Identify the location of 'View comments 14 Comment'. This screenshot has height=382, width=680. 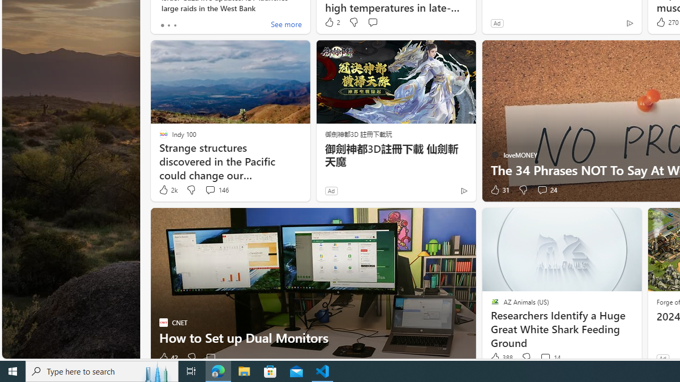
(550, 358).